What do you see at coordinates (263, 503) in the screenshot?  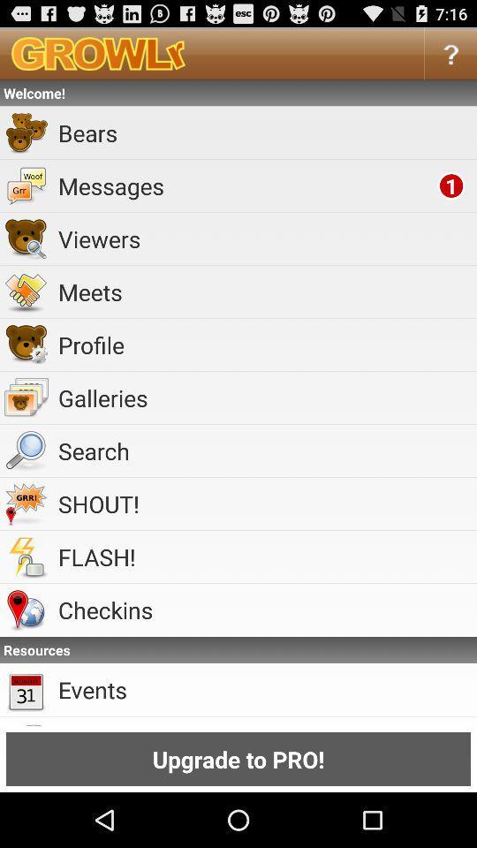 I see `the app above the flash! app` at bounding box center [263, 503].